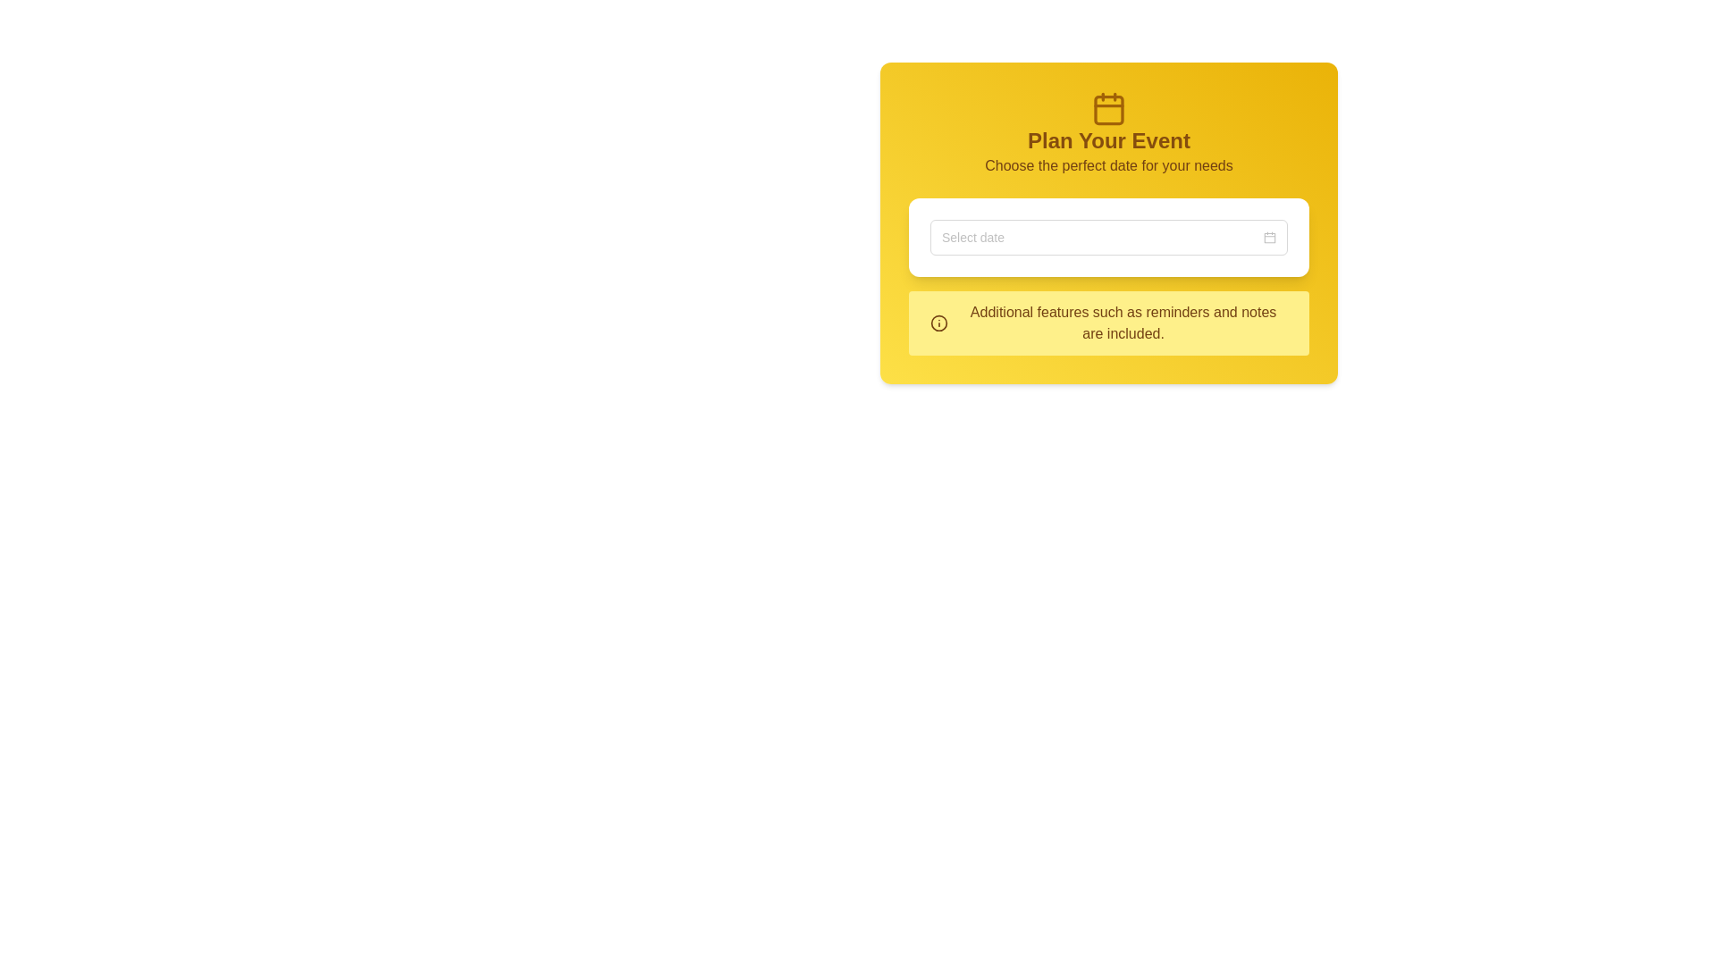 This screenshot has width=1716, height=965. I want to click on the rectangular graphical element located within the calendar icon at the top of the yellow card, which has rounded corners and is positioned centrally within the icon, so click(1108, 110).